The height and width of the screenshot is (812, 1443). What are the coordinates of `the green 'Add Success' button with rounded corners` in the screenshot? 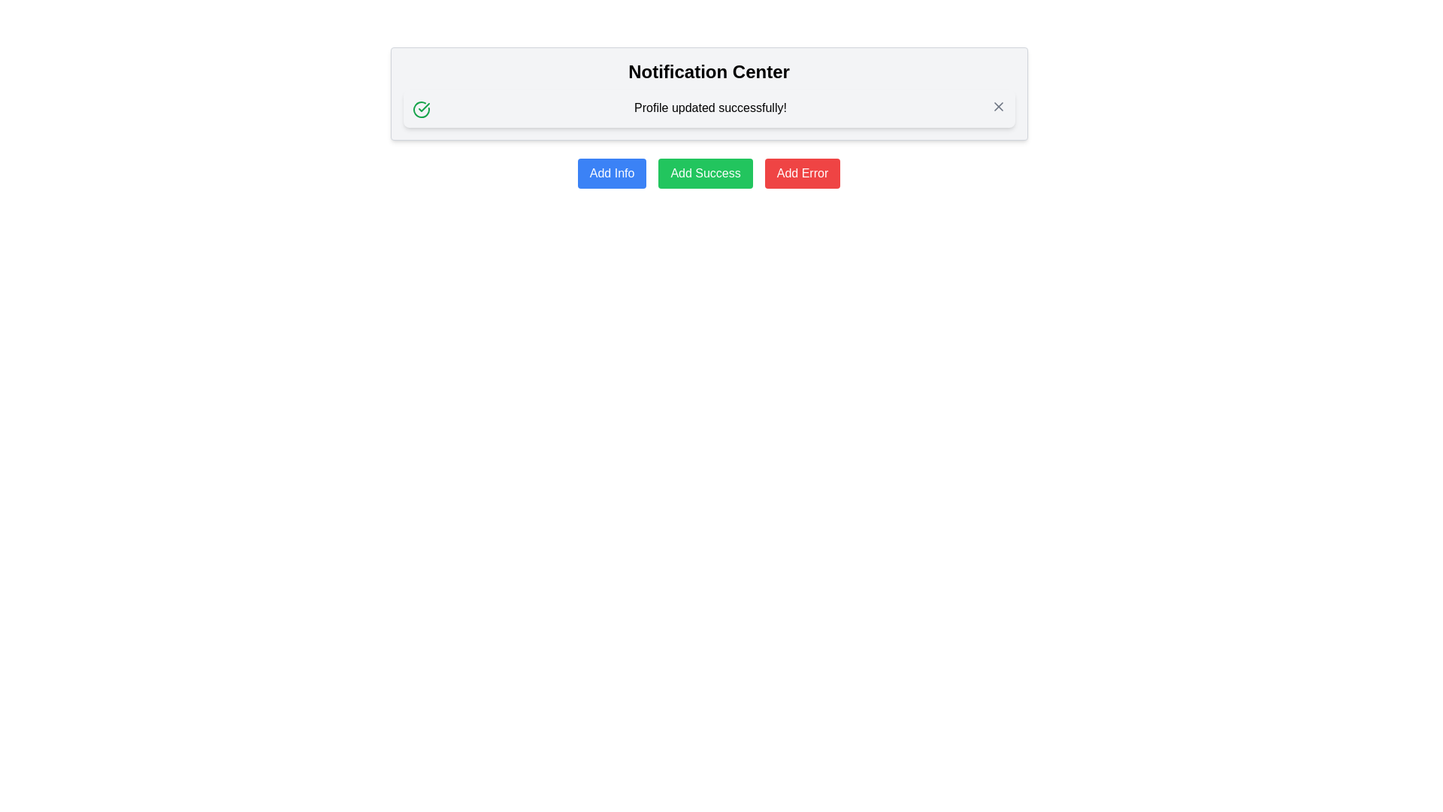 It's located at (705, 173).